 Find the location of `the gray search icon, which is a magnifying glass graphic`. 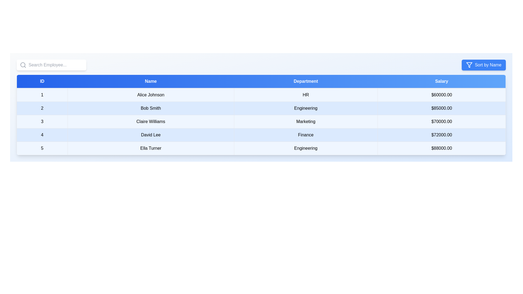

the gray search icon, which is a magnifying glass graphic is located at coordinates (23, 65).